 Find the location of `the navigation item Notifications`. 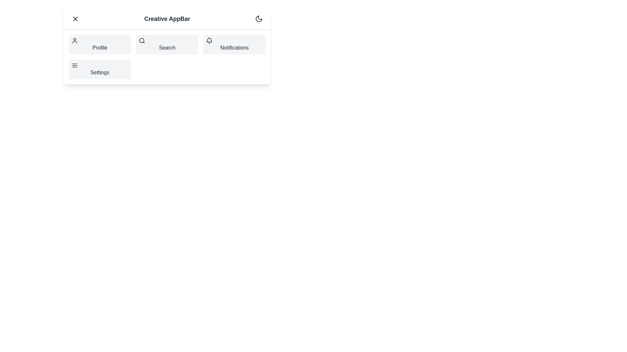

the navigation item Notifications is located at coordinates (234, 44).